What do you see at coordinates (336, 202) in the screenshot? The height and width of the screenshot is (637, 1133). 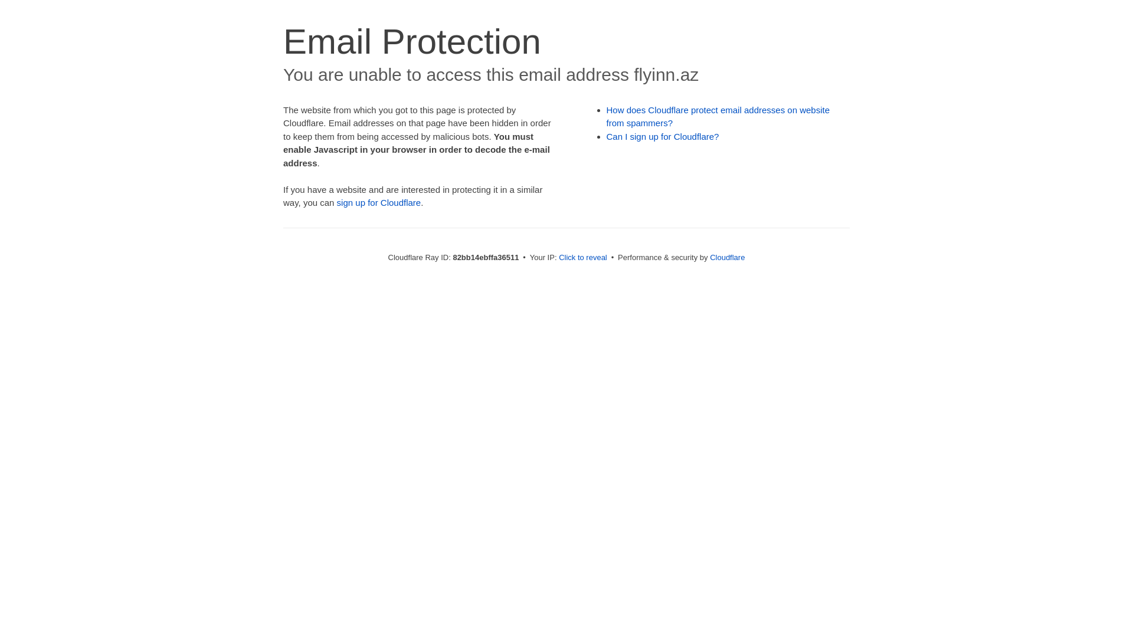 I see `'sign up for Cloudflare'` at bounding box center [336, 202].